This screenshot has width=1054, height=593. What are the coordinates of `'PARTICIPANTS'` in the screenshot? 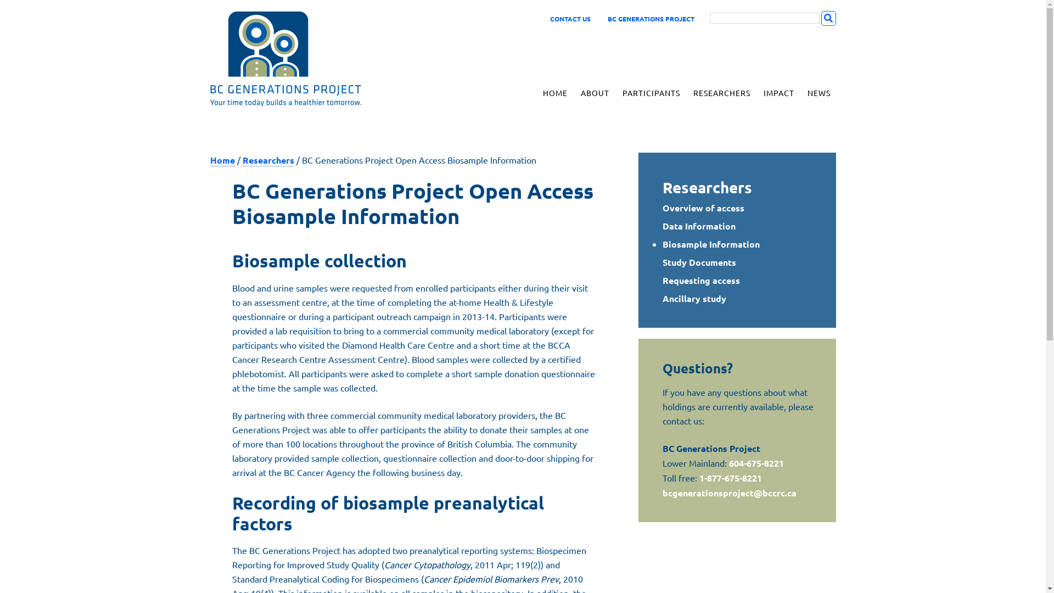 It's located at (616, 92).